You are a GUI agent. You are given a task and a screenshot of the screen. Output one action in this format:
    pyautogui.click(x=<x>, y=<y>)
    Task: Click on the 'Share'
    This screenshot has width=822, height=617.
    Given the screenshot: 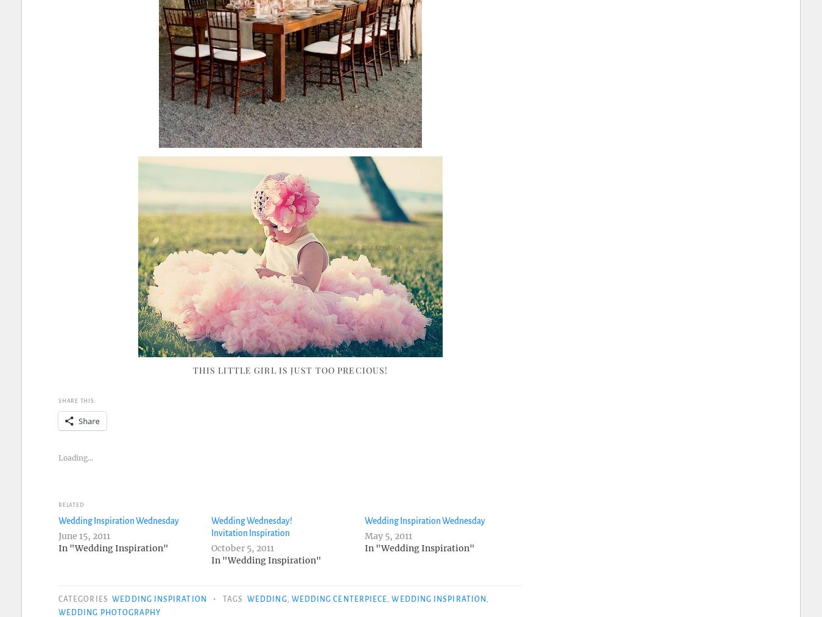 What is the action you would take?
    pyautogui.click(x=88, y=420)
    